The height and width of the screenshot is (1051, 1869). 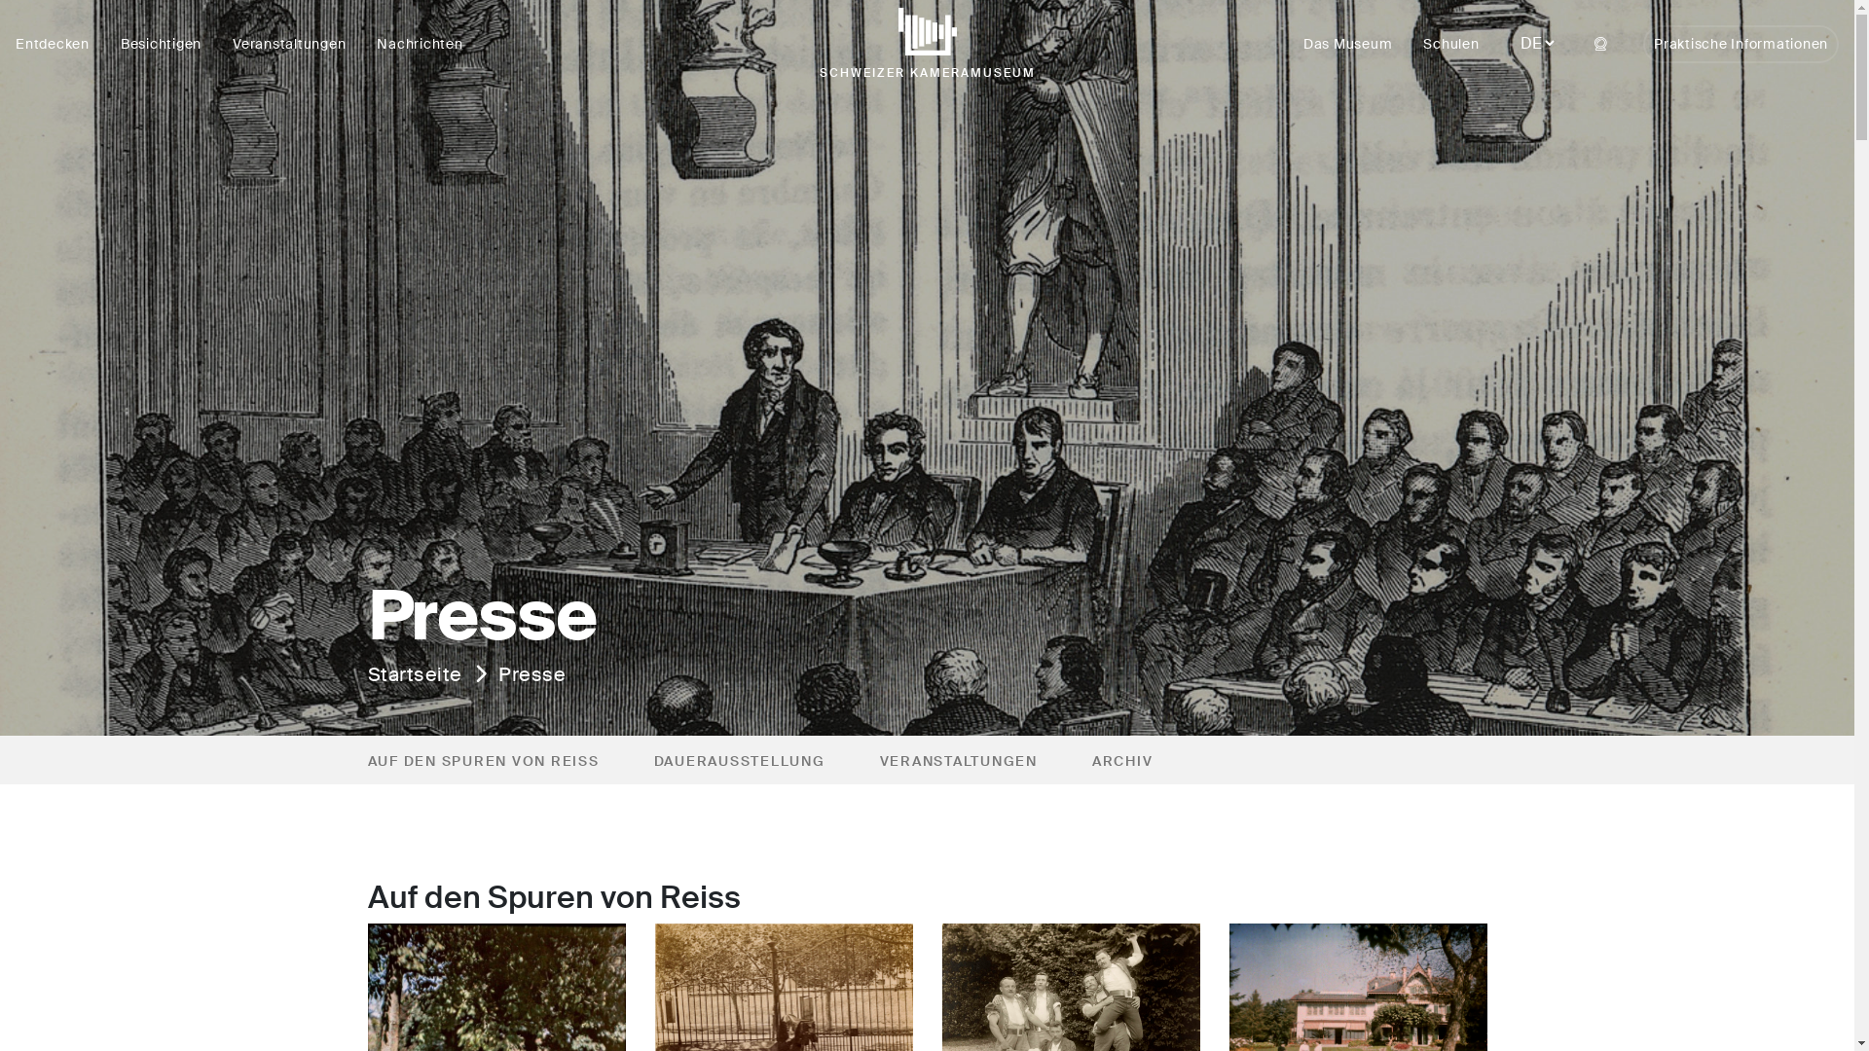 What do you see at coordinates (1347, 44) in the screenshot?
I see `'Das Museum'` at bounding box center [1347, 44].